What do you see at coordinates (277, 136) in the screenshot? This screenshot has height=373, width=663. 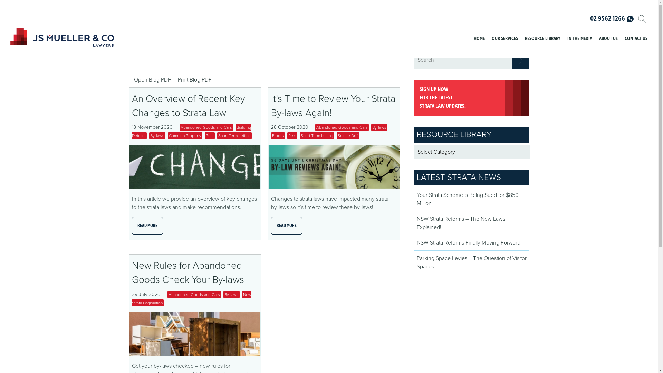 I see `'Floors'` at bounding box center [277, 136].